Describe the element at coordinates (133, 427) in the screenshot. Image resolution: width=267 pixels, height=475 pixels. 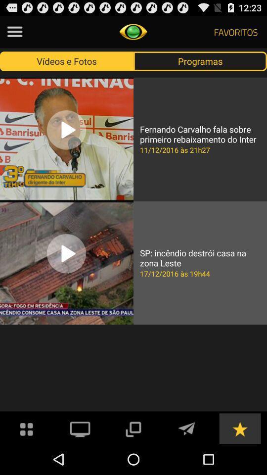
I see `more pages` at that location.